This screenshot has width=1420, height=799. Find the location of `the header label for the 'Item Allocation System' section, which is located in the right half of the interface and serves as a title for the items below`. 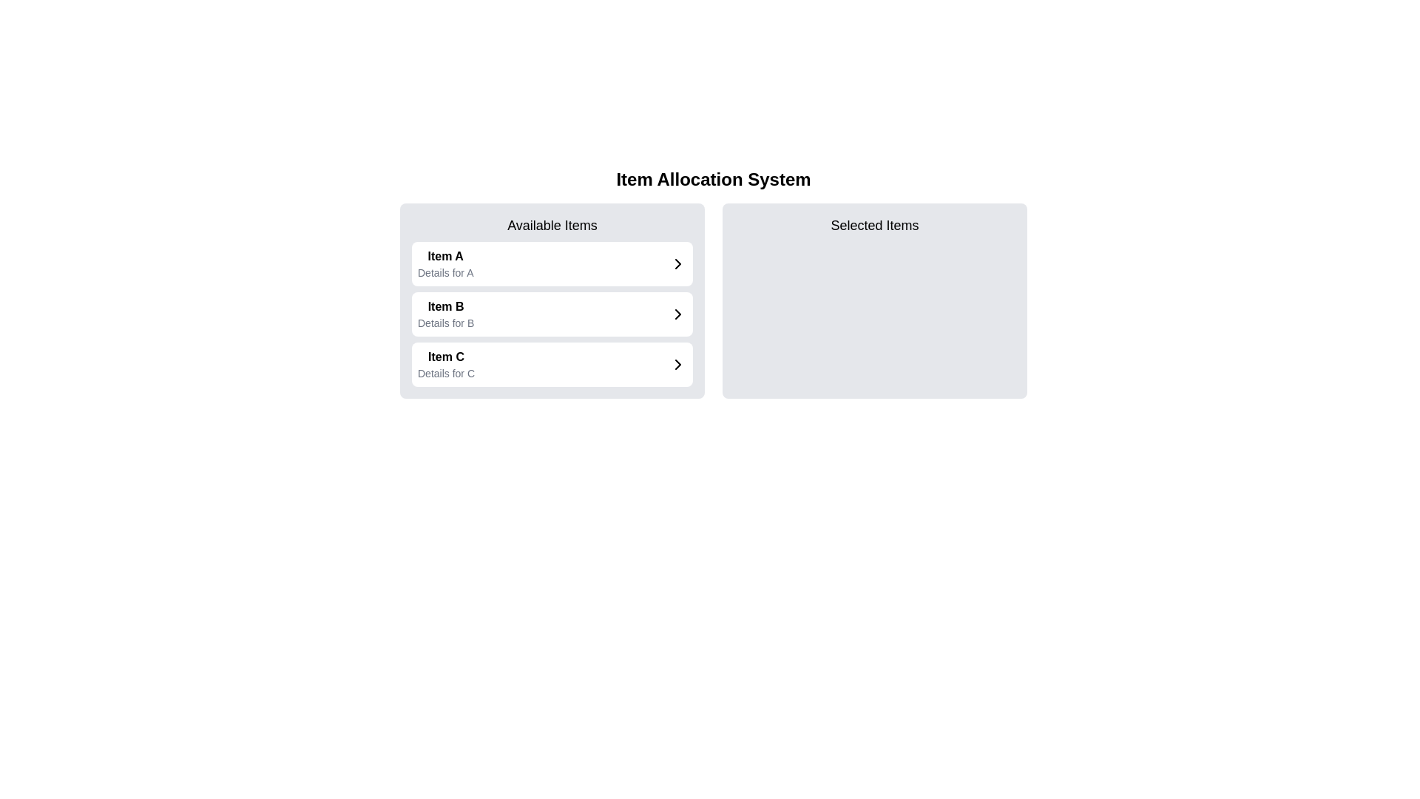

the header label for the 'Item Allocation System' section, which is located in the right half of the interface and serves as a title for the items below is located at coordinates (874, 225).